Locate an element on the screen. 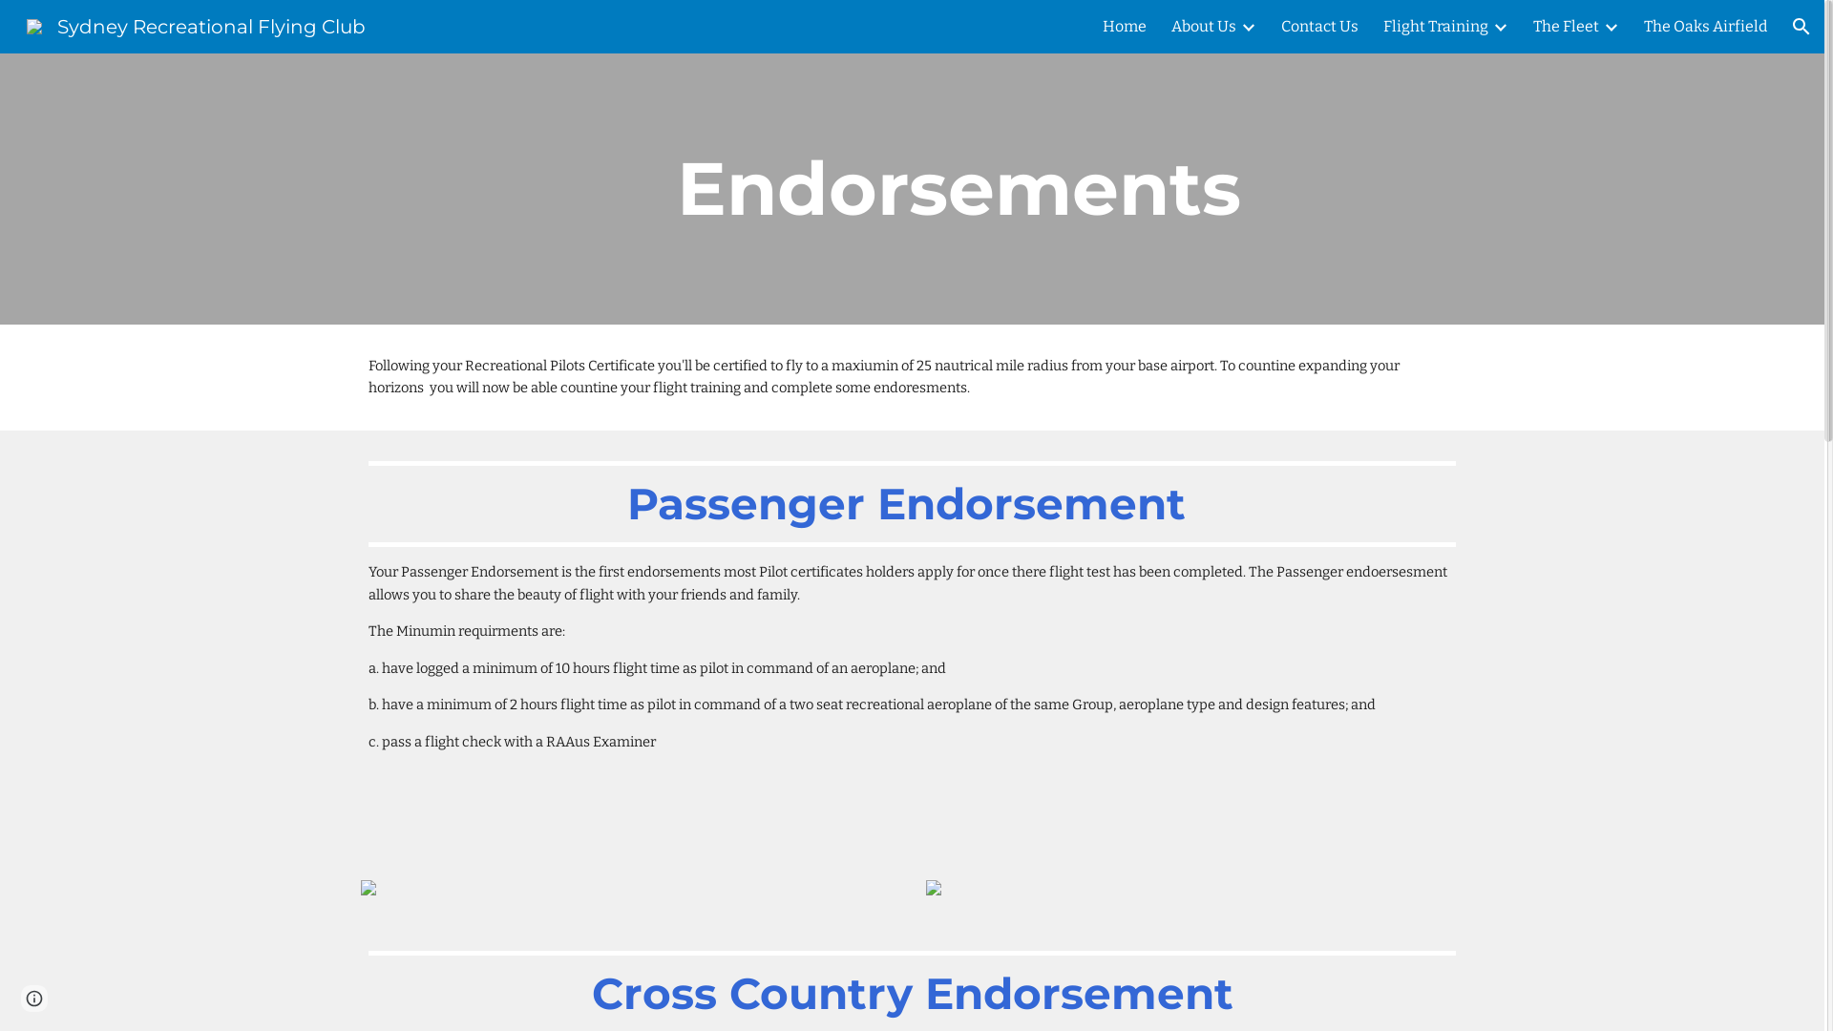  'Expand/Collapse' is located at coordinates (1609, 26).